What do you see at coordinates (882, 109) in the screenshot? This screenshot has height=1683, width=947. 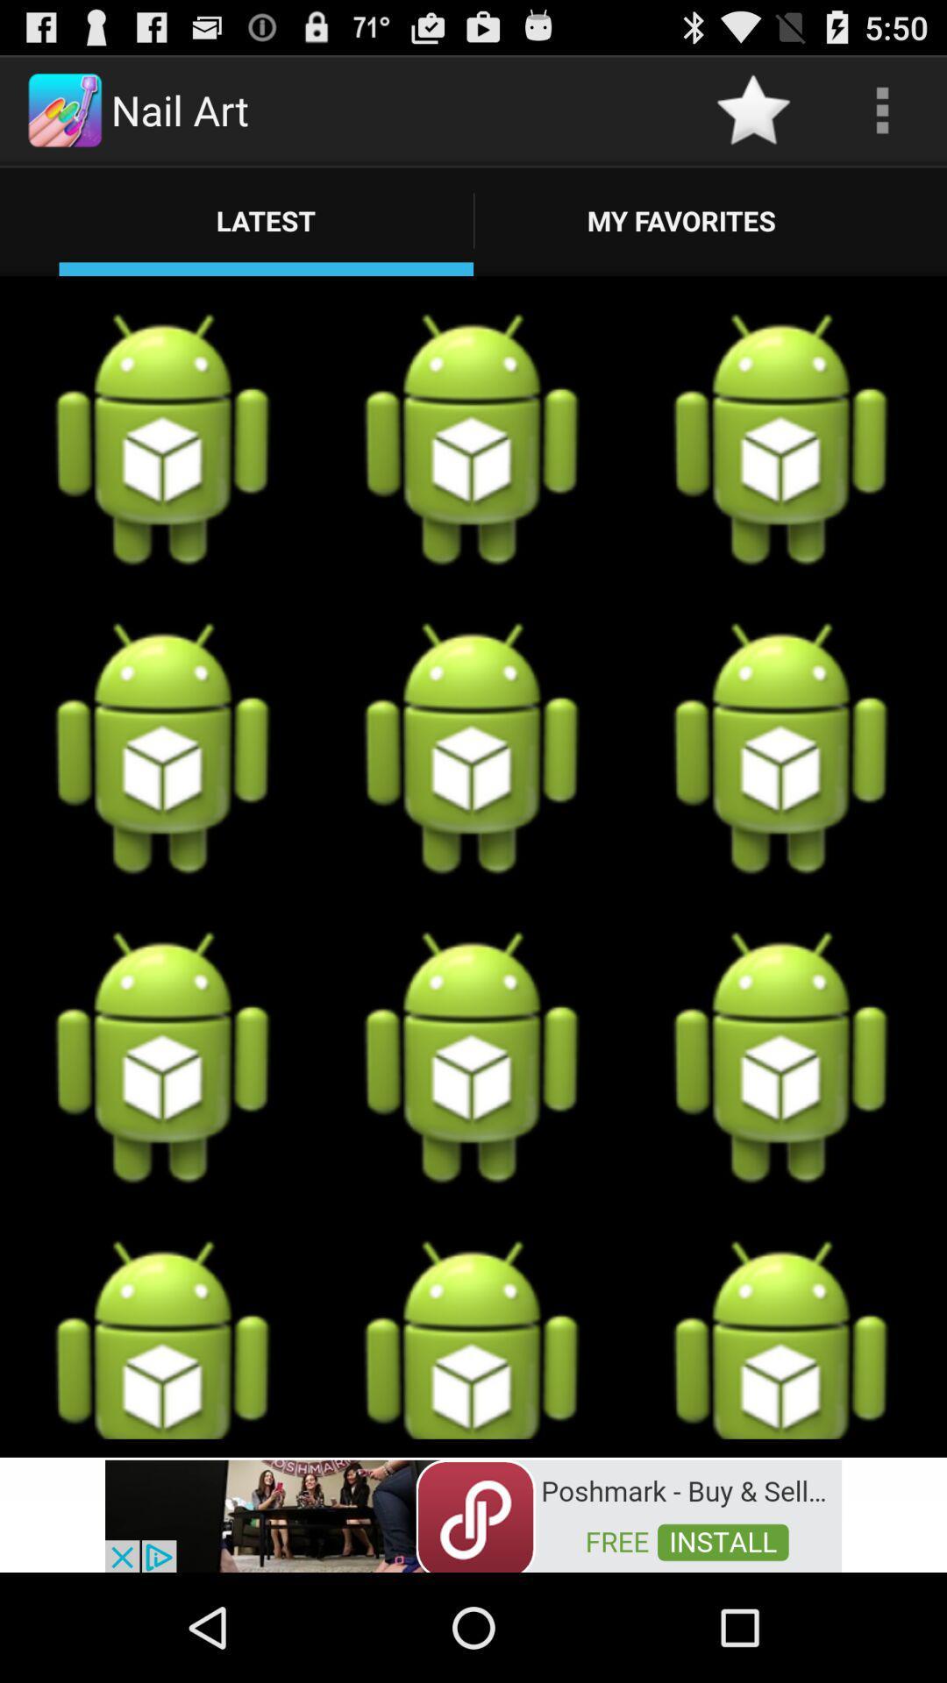 I see `the option which is next to the star icon` at bounding box center [882, 109].